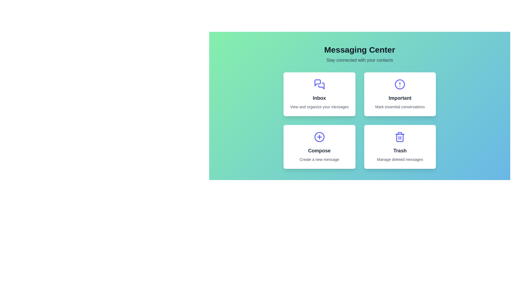  What do you see at coordinates (319, 137) in the screenshot?
I see `the circular component of the 'Compose' icon which is part of a larger green circular design with a plus symbol` at bounding box center [319, 137].